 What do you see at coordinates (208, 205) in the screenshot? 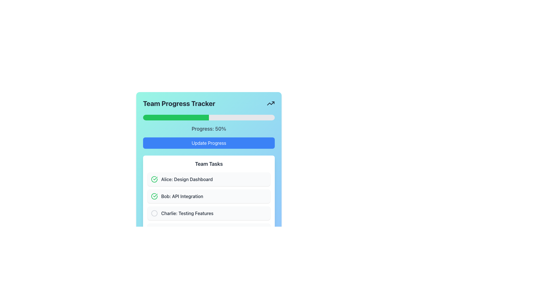
I see `the task item labeled 'Bob: API Integration' in the task tracker` at bounding box center [208, 205].